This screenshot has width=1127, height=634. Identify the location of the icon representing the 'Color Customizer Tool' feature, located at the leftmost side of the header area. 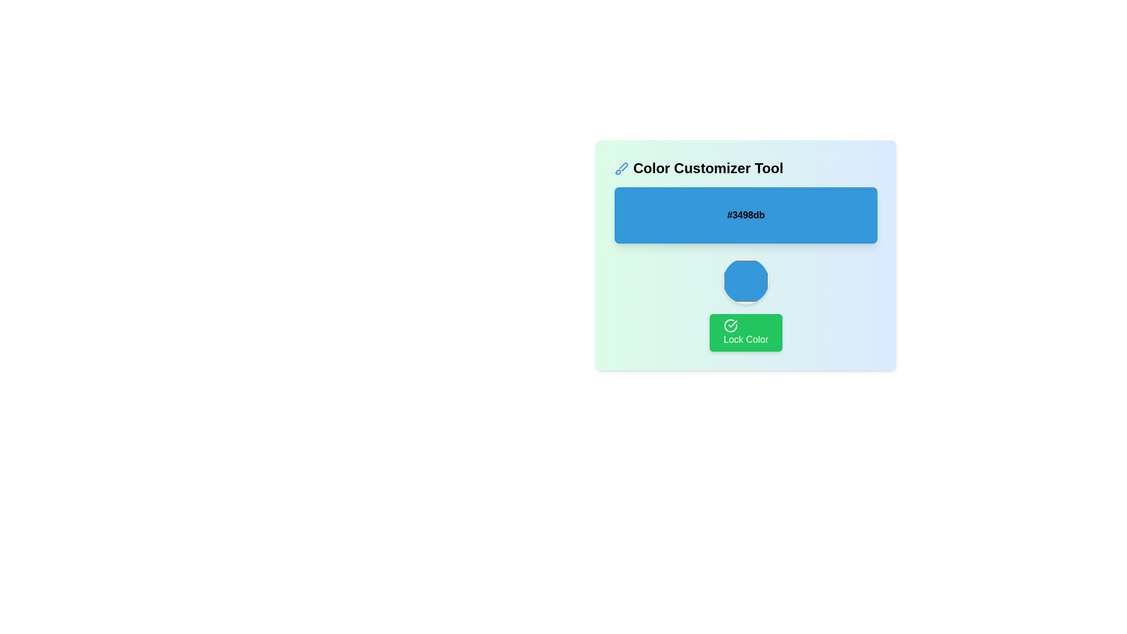
(621, 168).